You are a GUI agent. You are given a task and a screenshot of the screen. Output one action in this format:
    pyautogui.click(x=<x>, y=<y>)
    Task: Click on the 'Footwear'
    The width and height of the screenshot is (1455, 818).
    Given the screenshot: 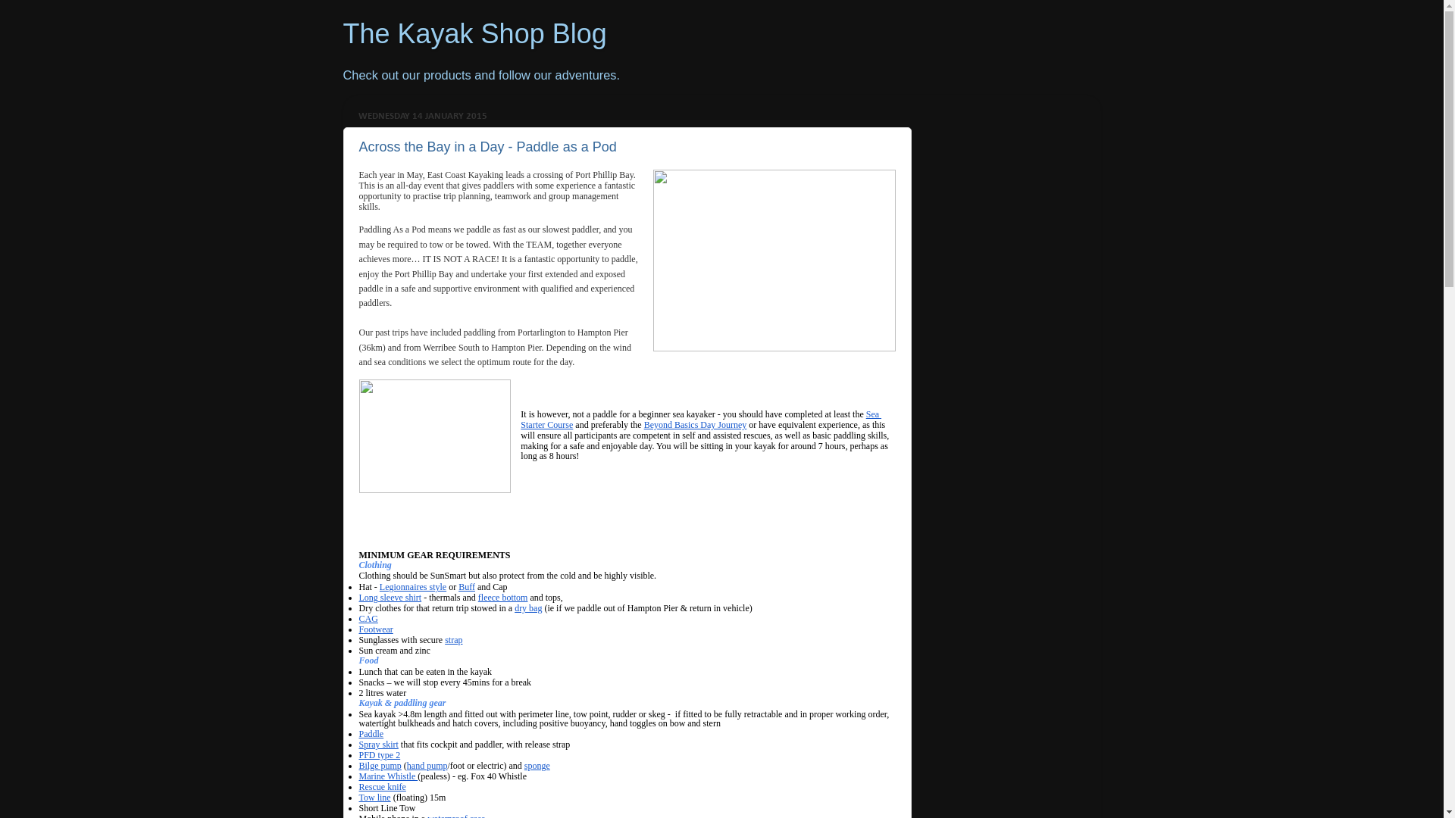 What is the action you would take?
    pyautogui.click(x=376, y=629)
    